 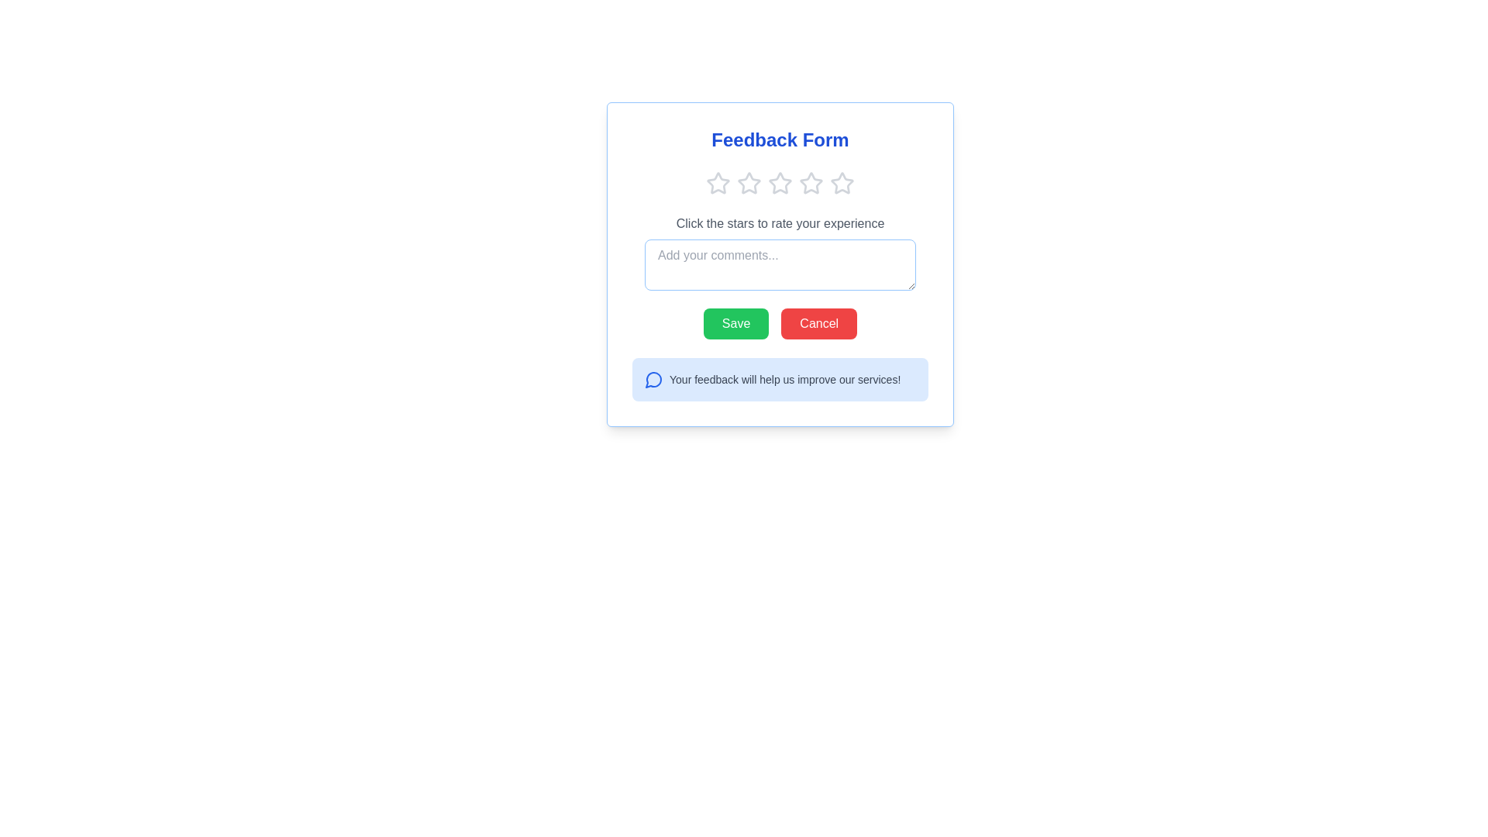 What do you see at coordinates (841, 182) in the screenshot?
I see `the fifth star icon in the rating section` at bounding box center [841, 182].